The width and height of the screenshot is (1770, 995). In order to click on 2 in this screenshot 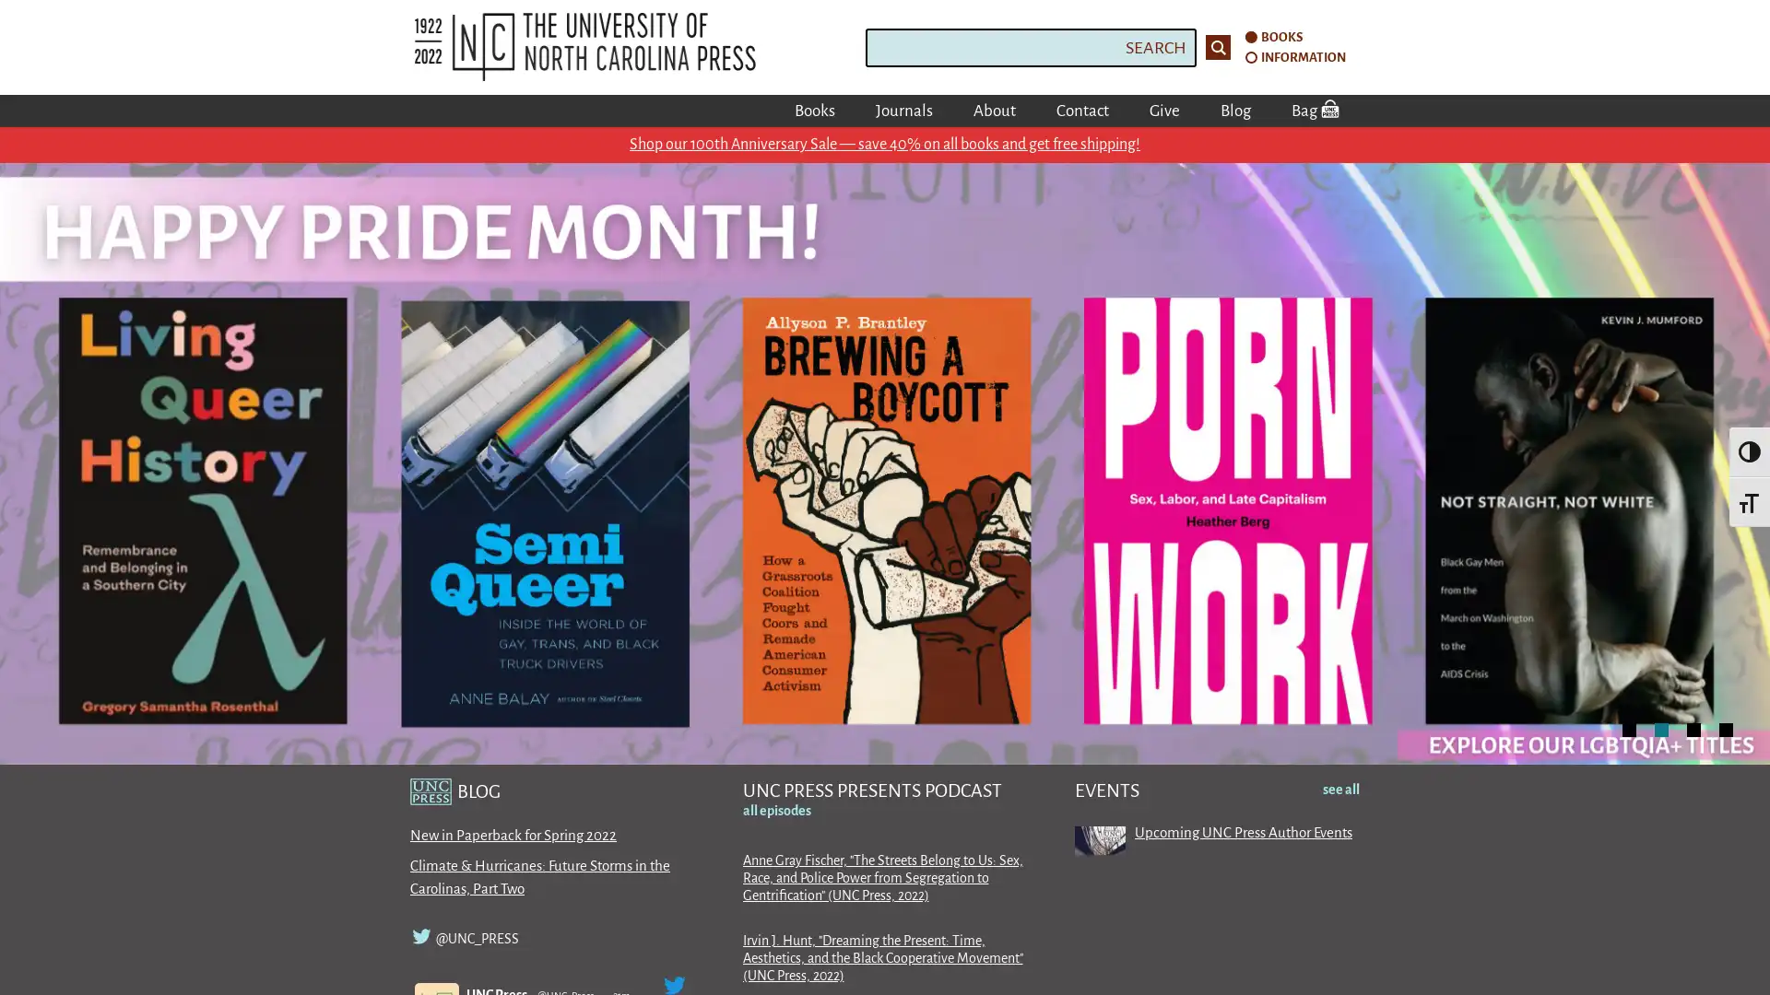, I will do `click(1661, 728)`.